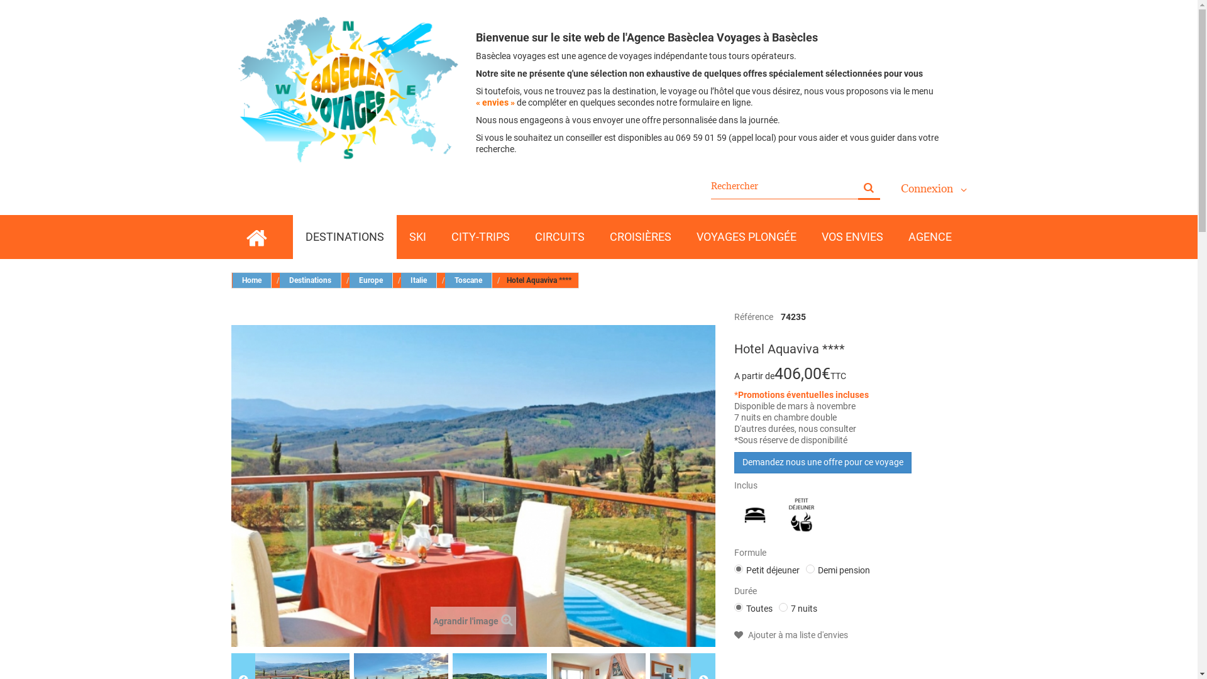 The height and width of the screenshot is (679, 1207). Describe the element at coordinates (929, 237) in the screenshot. I see `'AGENCE'` at that location.